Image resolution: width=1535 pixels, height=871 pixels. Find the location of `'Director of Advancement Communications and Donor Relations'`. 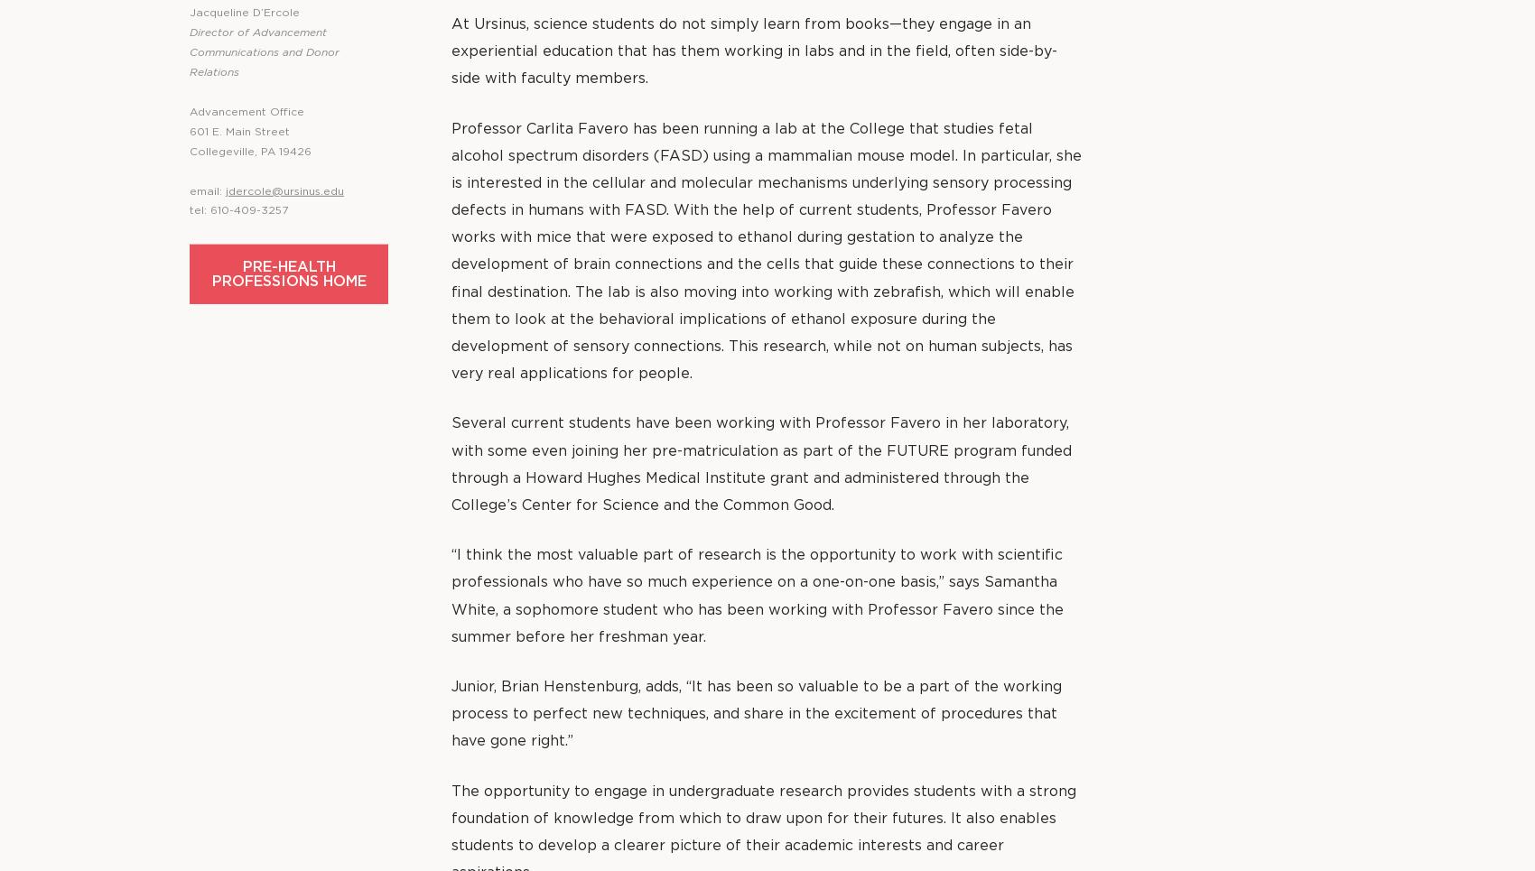

'Director of Advancement Communications and Donor Relations' is located at coordinates (265, 51).